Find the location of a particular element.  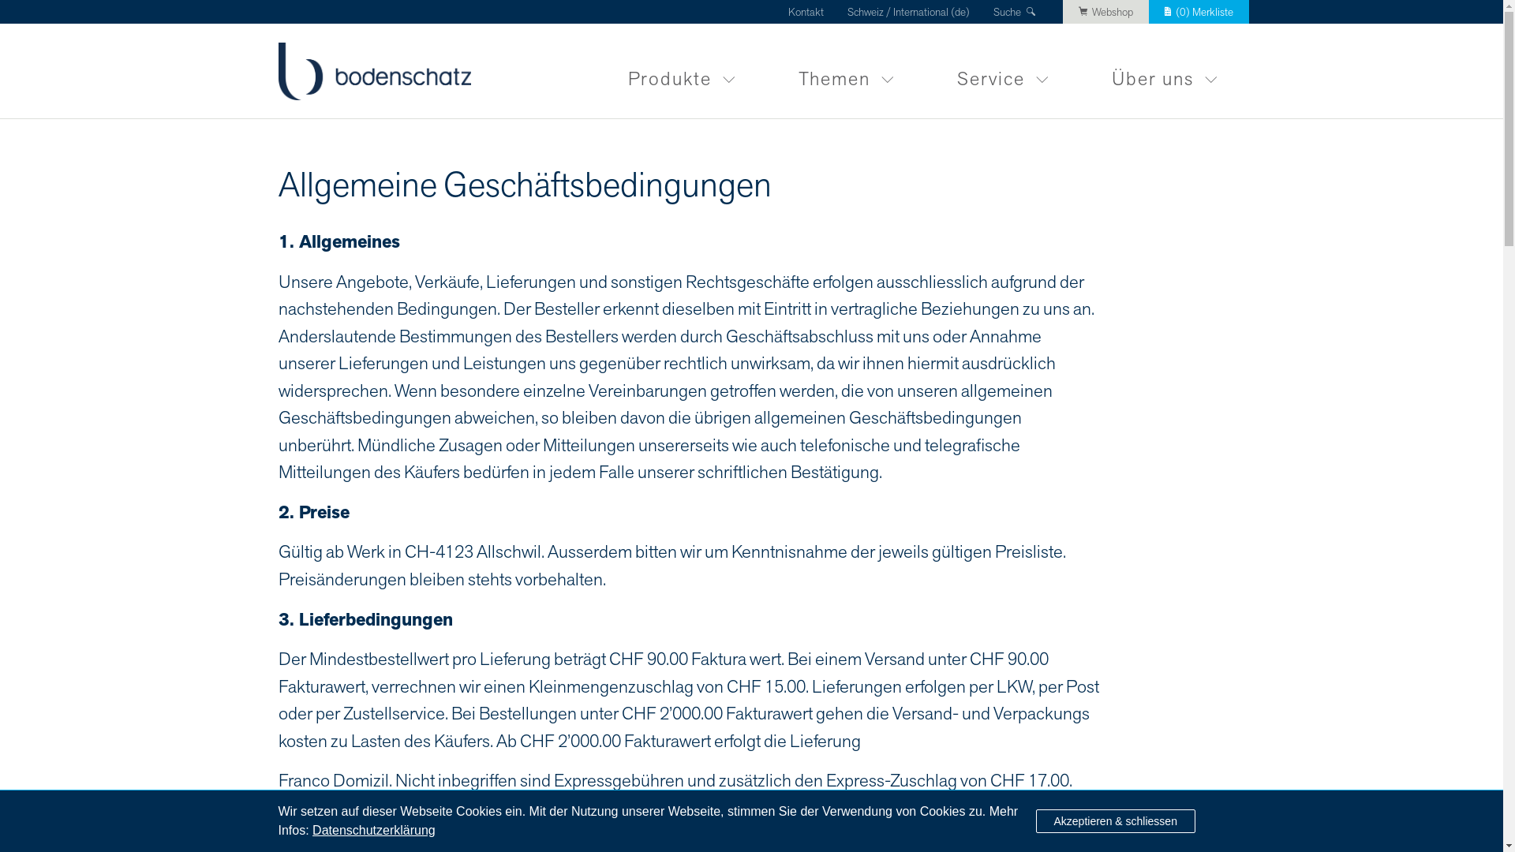

'Kontakt' is located at coordinates (787, 12).